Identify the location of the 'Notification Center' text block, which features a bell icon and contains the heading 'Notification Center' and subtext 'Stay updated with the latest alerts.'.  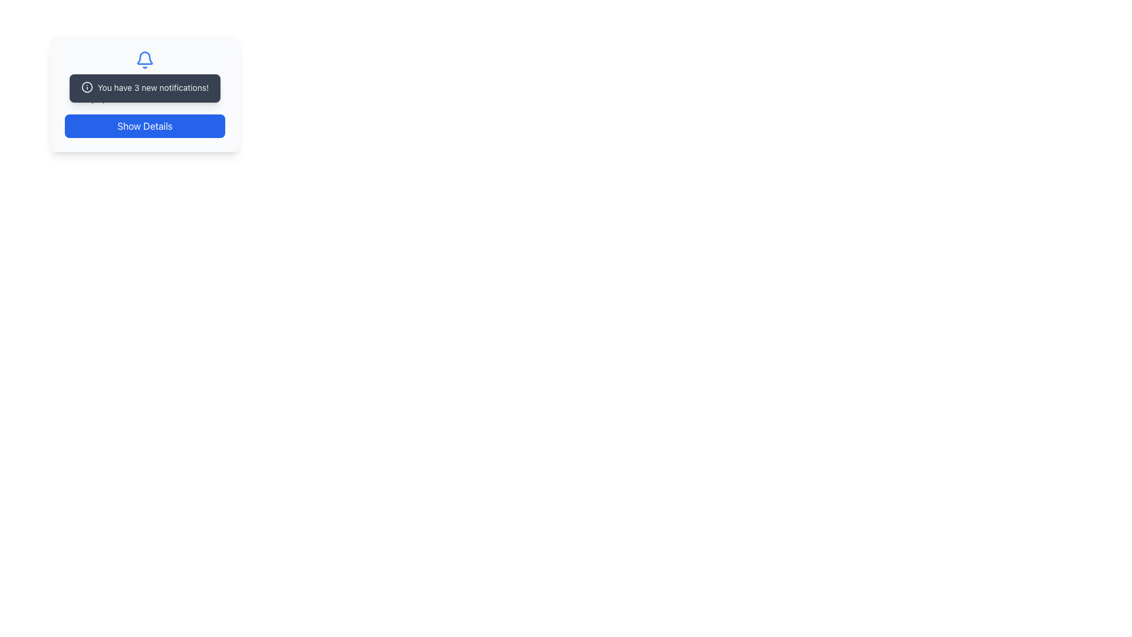
(144, 77).